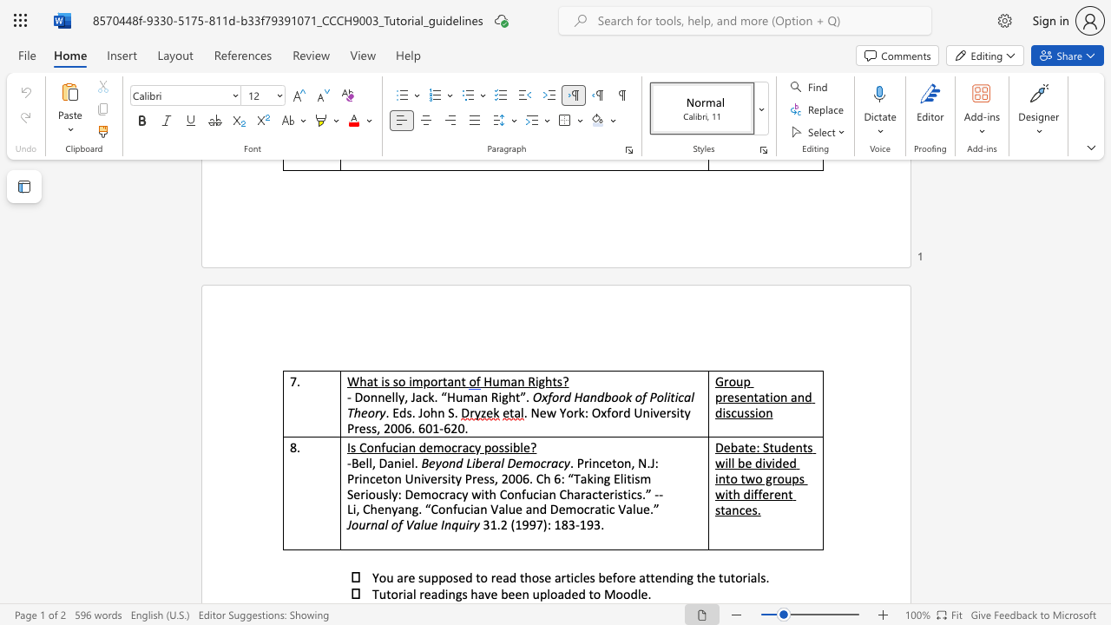  What do you see at coordinates (546, 523) in the screenshot?
I see `the subset text ": 183-193." within the text "31.2 (1997): 183-193."` at bounding box center [546, 523].